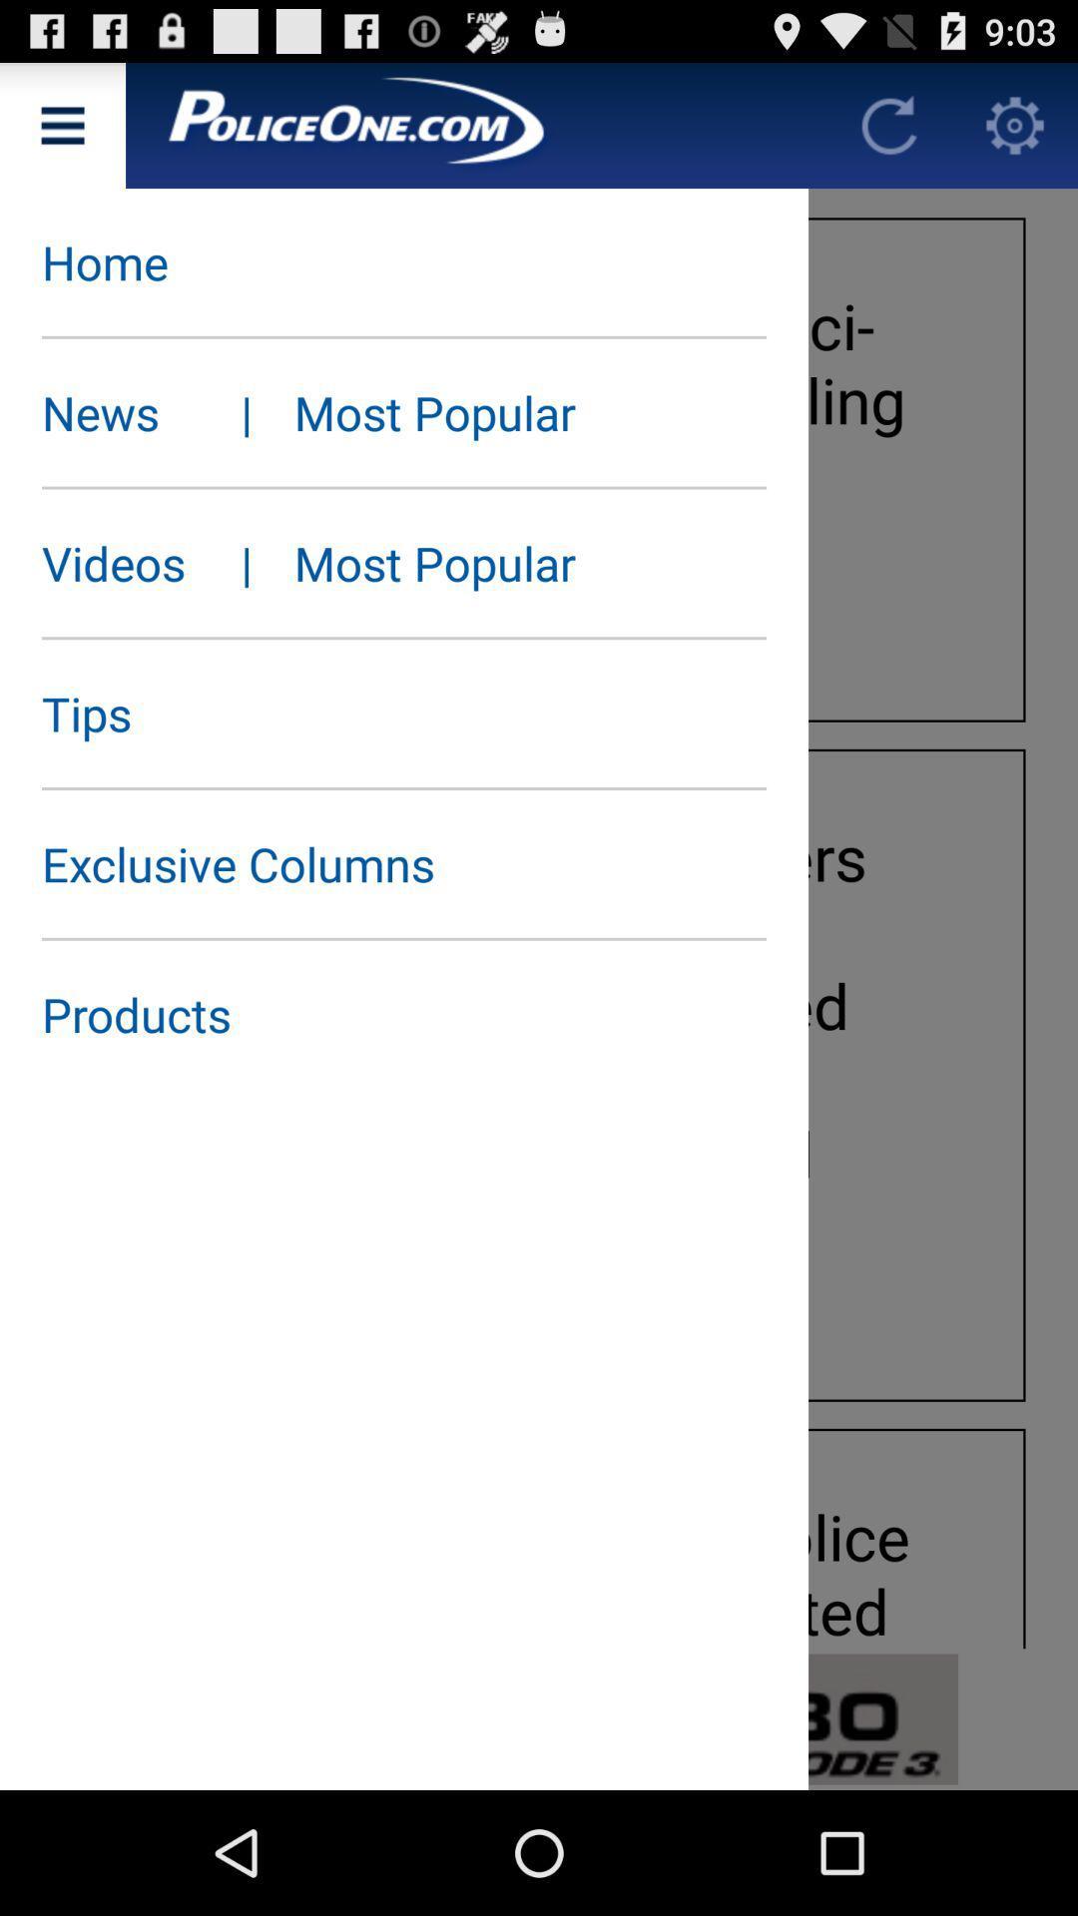 The image size is (1078, 1916). I want to click on the menu icon, so click(61, 133).